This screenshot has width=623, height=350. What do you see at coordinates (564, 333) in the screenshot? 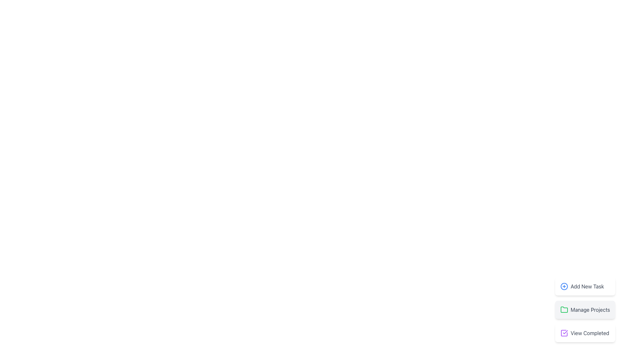
I see `the completed state icon located in the right-side column of options, positioned below 'Manage Projects' and above 'View Completed'` at bounding box center [564, 333].